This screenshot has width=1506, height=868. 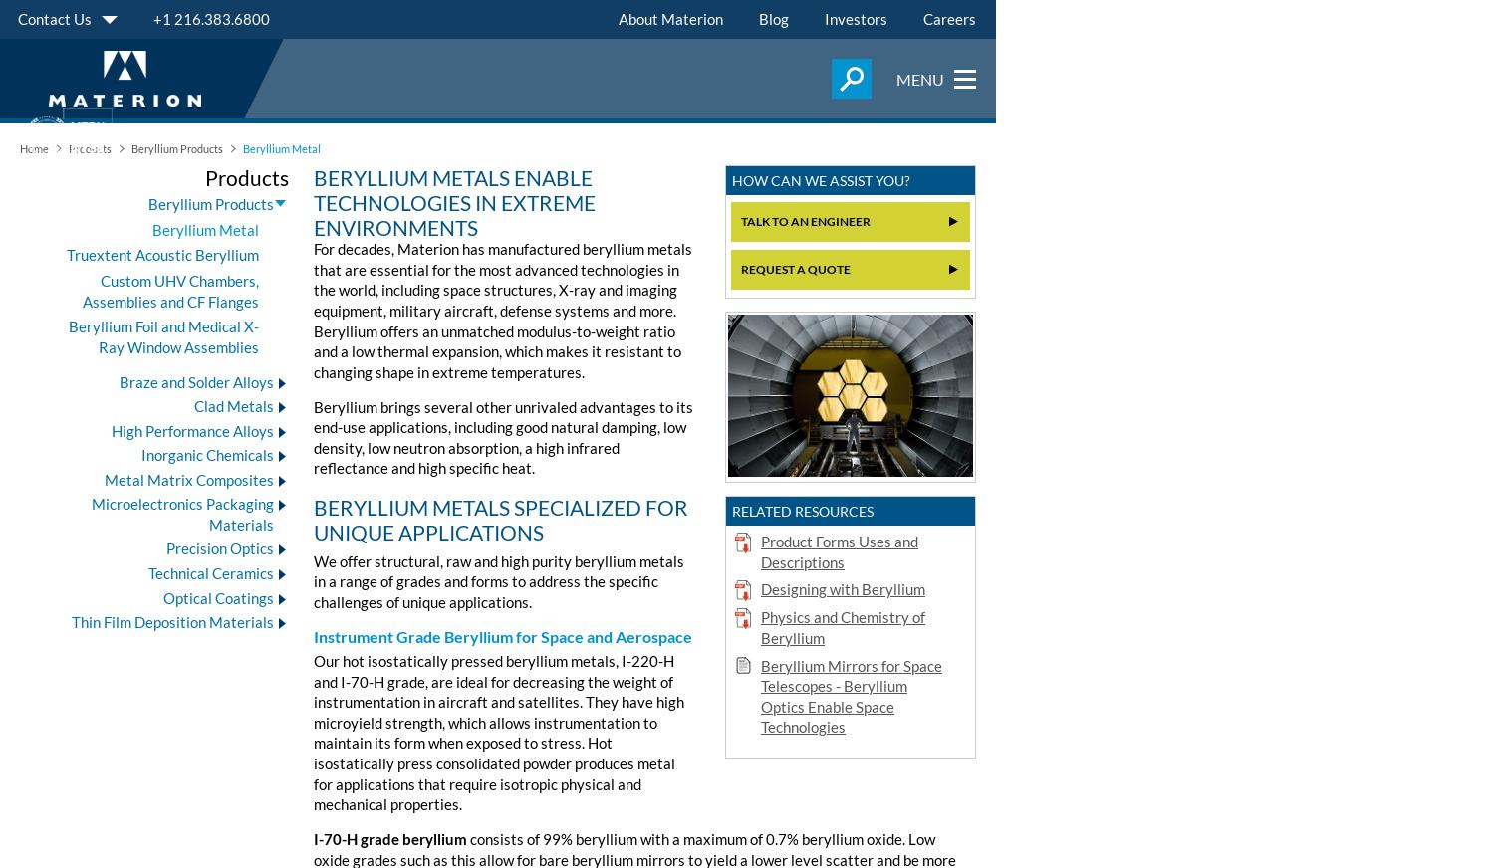 What do you see at coordinates (501, 518) in the screenshot?
I see `'BERYLLIUM METALS SPECIALIZED FOR UNIQUE APPLICATIONS'` at bounding box center [501, 518].